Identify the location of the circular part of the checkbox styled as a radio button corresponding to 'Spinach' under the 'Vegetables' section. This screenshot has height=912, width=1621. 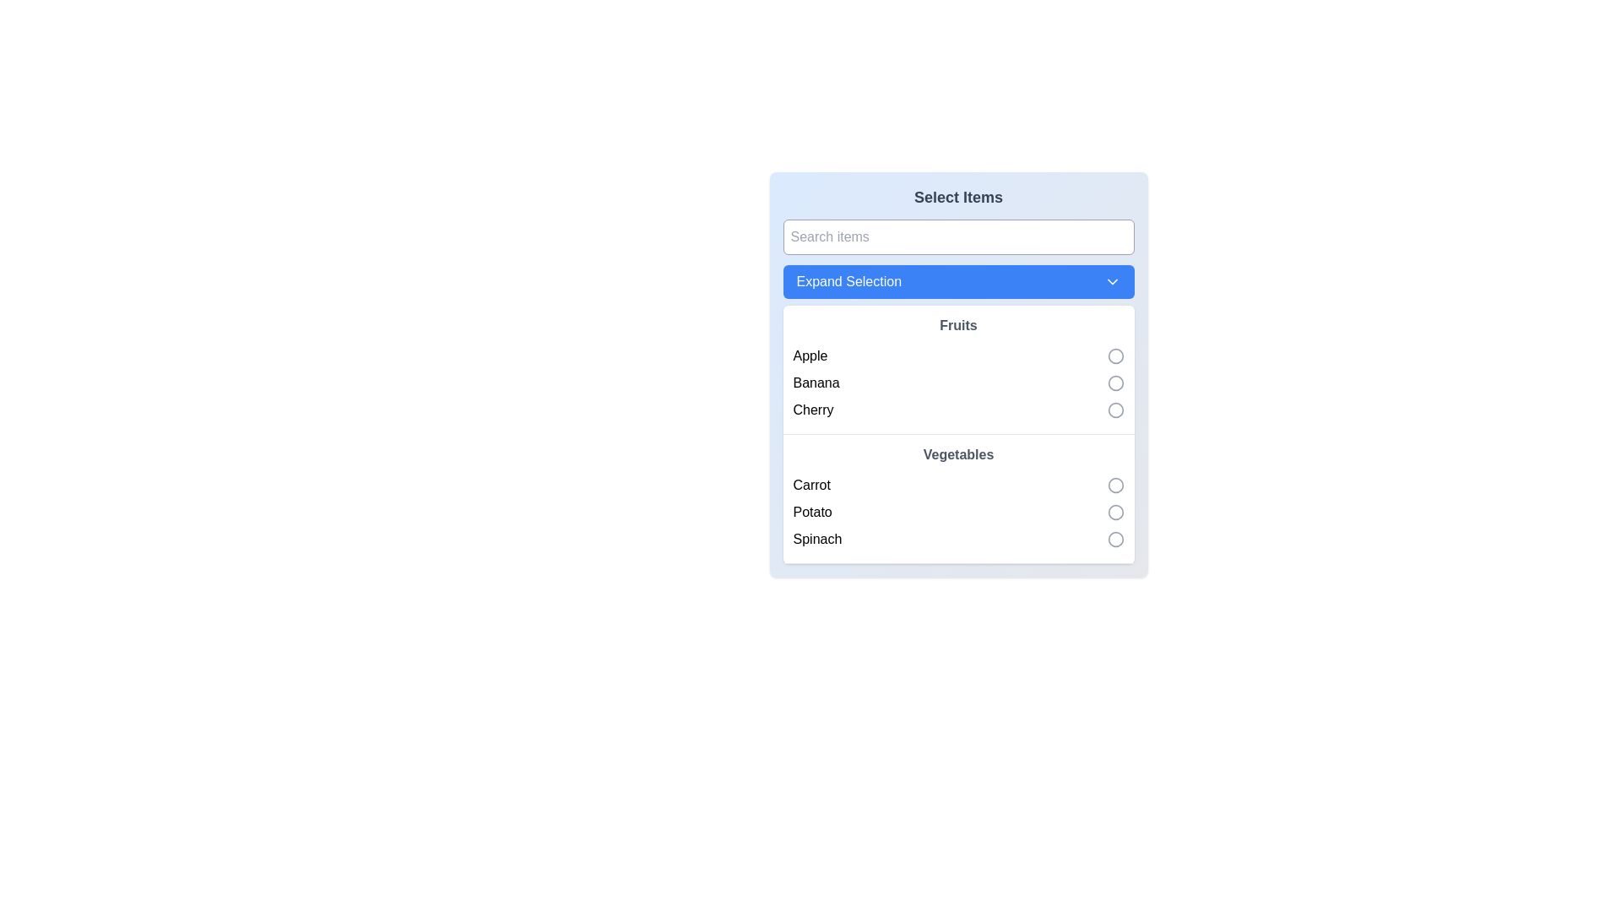
(1115, 540).